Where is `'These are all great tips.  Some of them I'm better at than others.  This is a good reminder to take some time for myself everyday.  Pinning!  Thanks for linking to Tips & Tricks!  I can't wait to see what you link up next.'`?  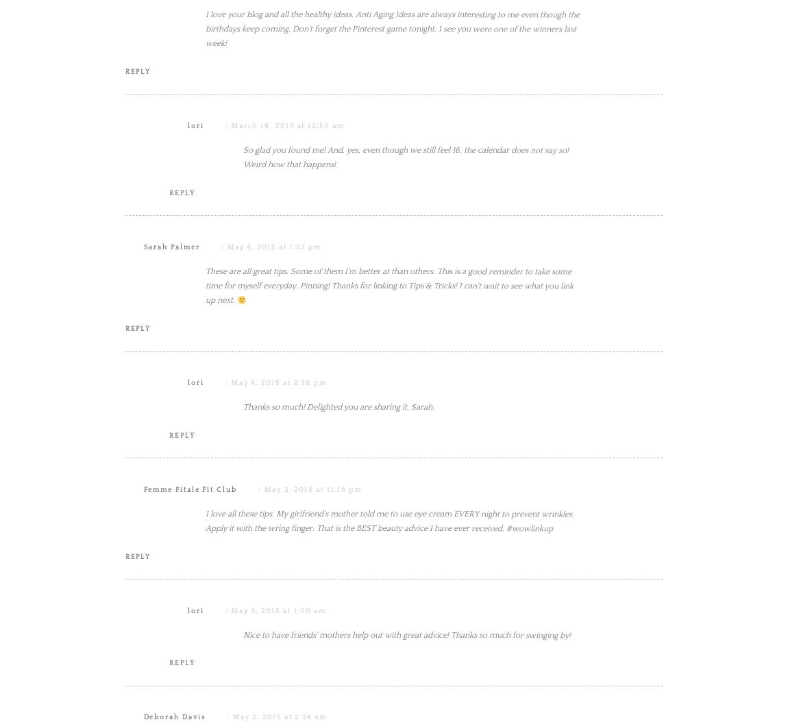
'These are all great tips.  Some of them I'm better at than others.  This is a good reminder to take some time for myself everyday.  Pinning!  Thanks for linking to Tips & Tricks!  I can't wait to see what you link up next.' is located at coordinates (389, 423).